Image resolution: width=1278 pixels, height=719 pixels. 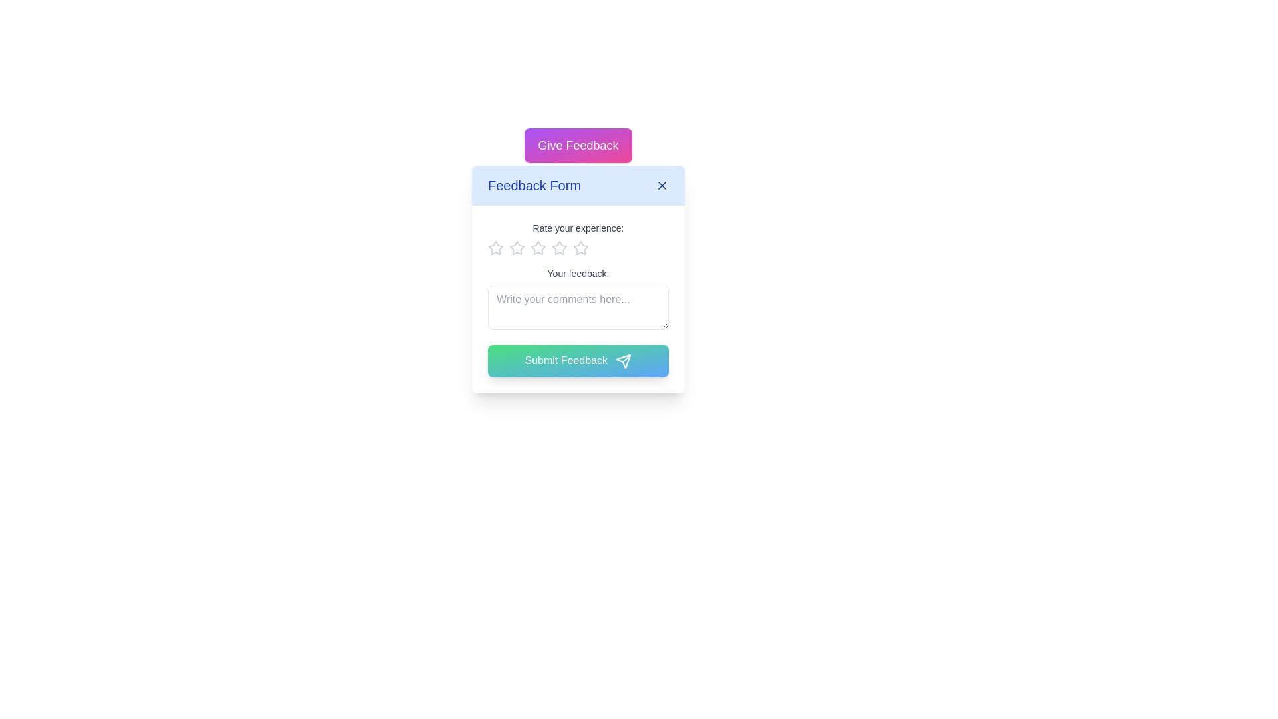 What do you see at coordinates (578, 361) in the screenshot?
I see `the feedback submission button located at the bottom of the feedback form, below the 'Your feedback:' text input area` at bounding box center [578, 361].